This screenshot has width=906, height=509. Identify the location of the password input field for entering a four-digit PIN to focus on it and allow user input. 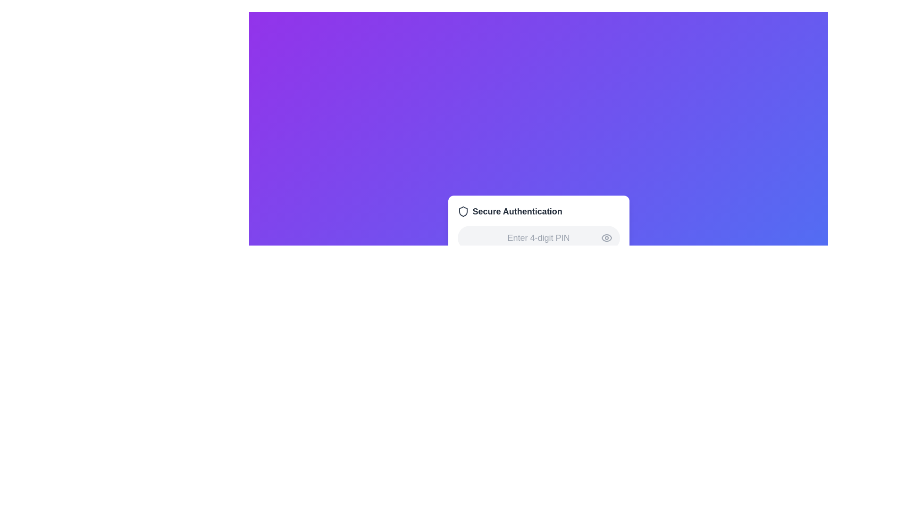
(538, 238).